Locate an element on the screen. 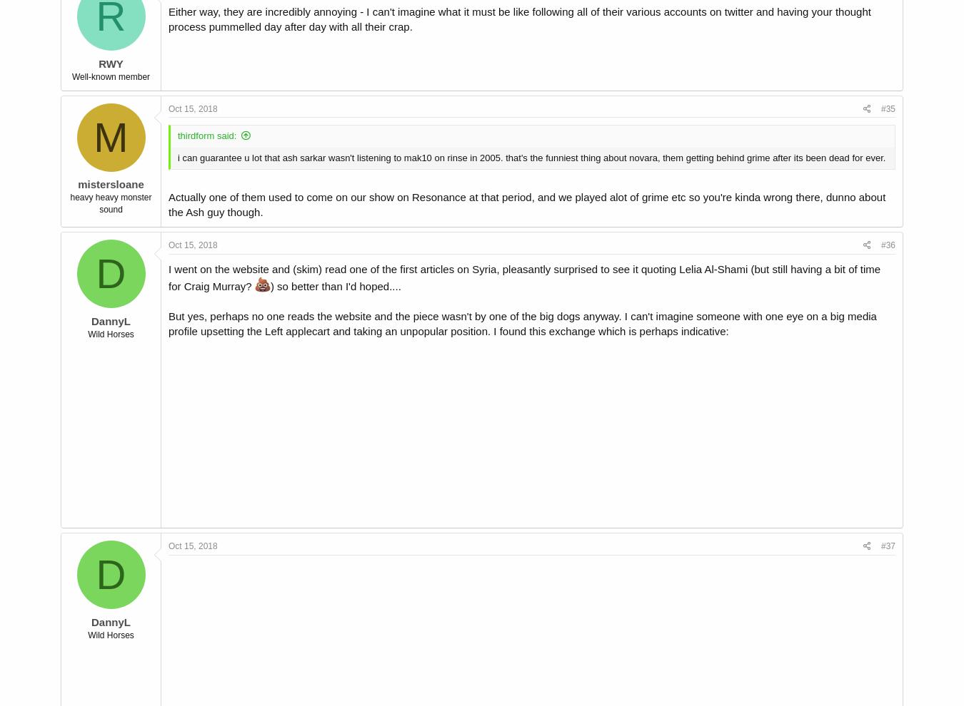  ') so better than I'd hoped....' is located at coordinates (270, 285).